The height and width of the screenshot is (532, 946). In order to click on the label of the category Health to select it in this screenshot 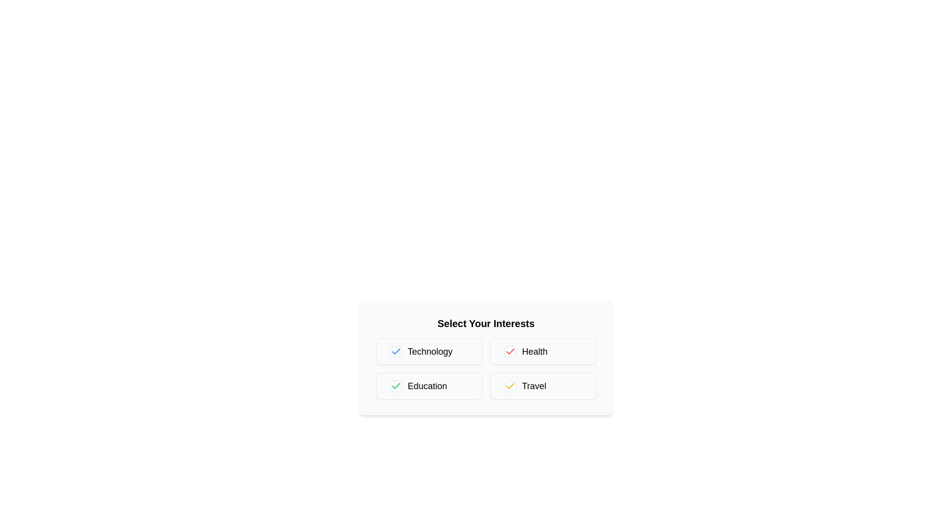, I will do `click(542, 351)`.